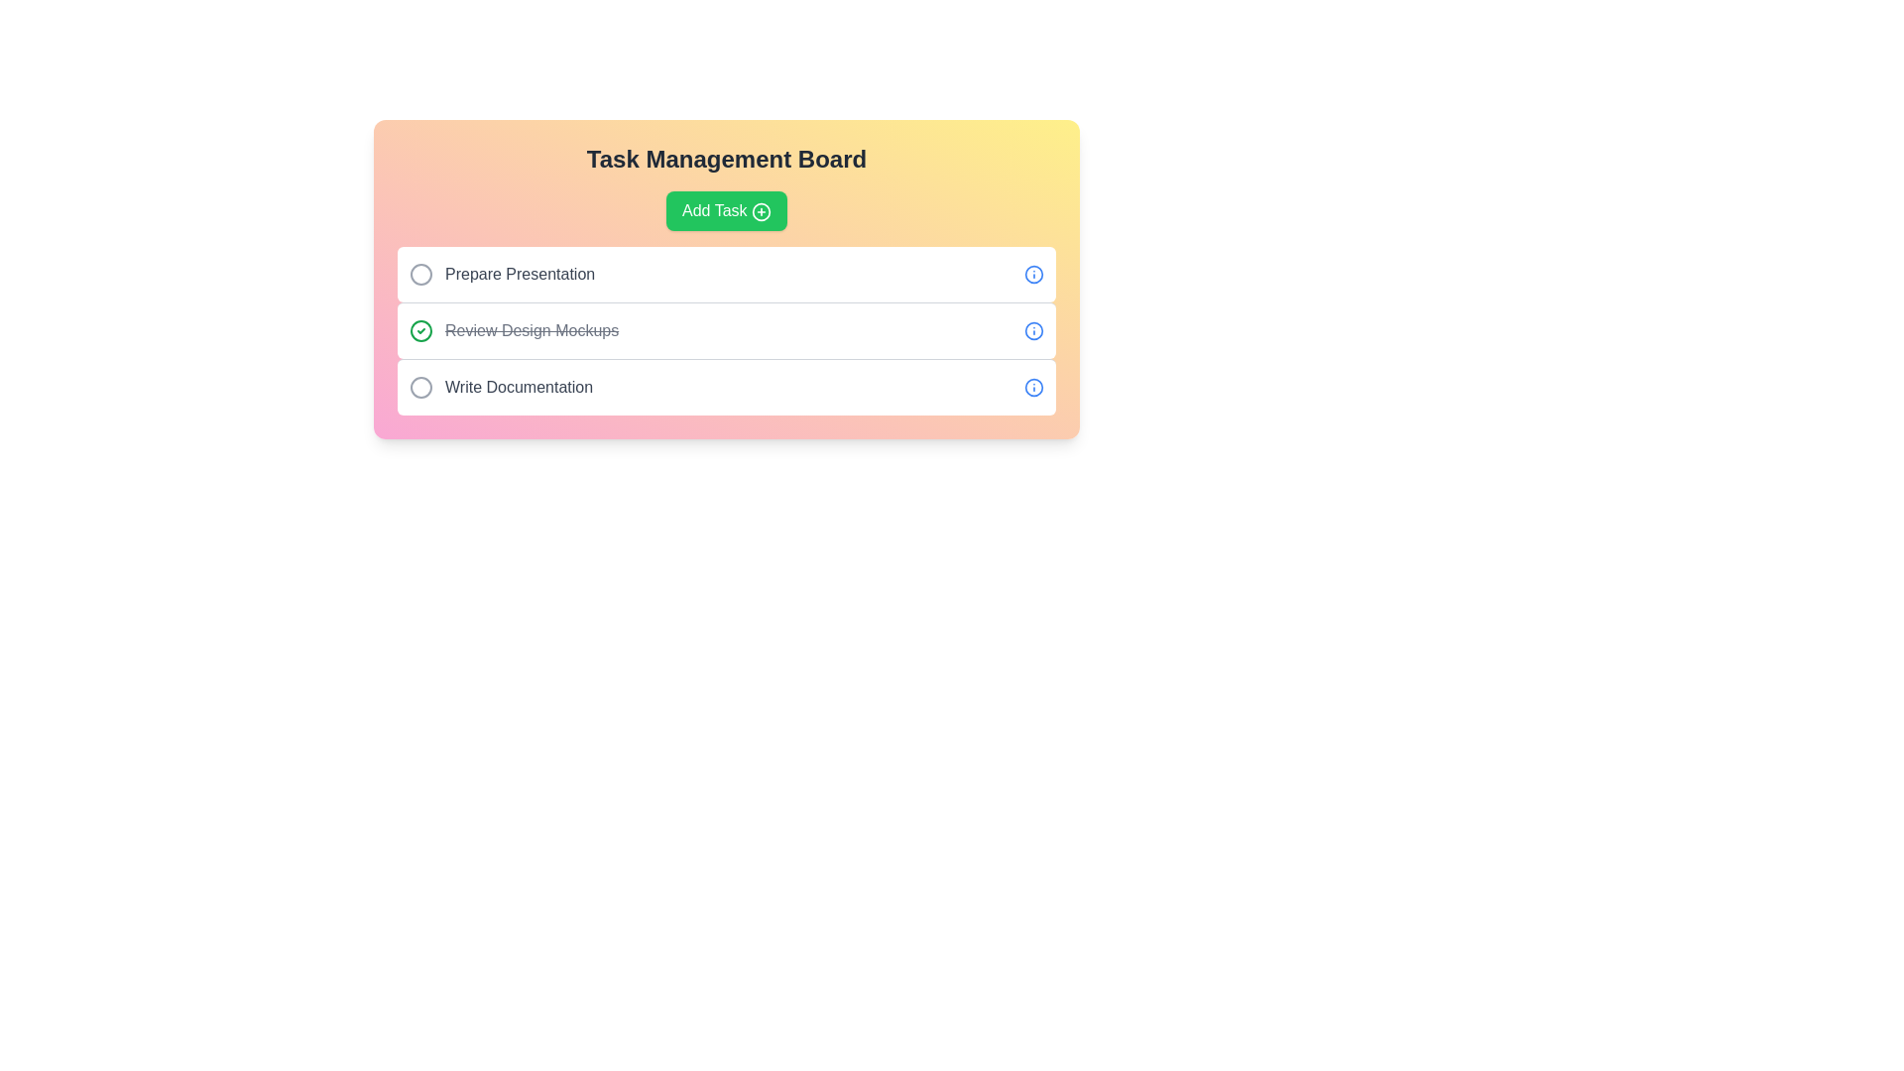 The image size is (1904, 1071). What do you see at coordinates (1032, 275) in the screenshot?
I see `the 'Info' icon next to the task 'Prepare Presentation' to view its details` at bounding box center [1032, 275].